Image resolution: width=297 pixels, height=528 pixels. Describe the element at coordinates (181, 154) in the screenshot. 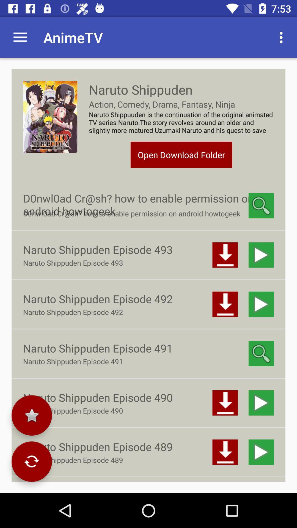

I see `item above the d0nwl0ad cr sh` at that location.